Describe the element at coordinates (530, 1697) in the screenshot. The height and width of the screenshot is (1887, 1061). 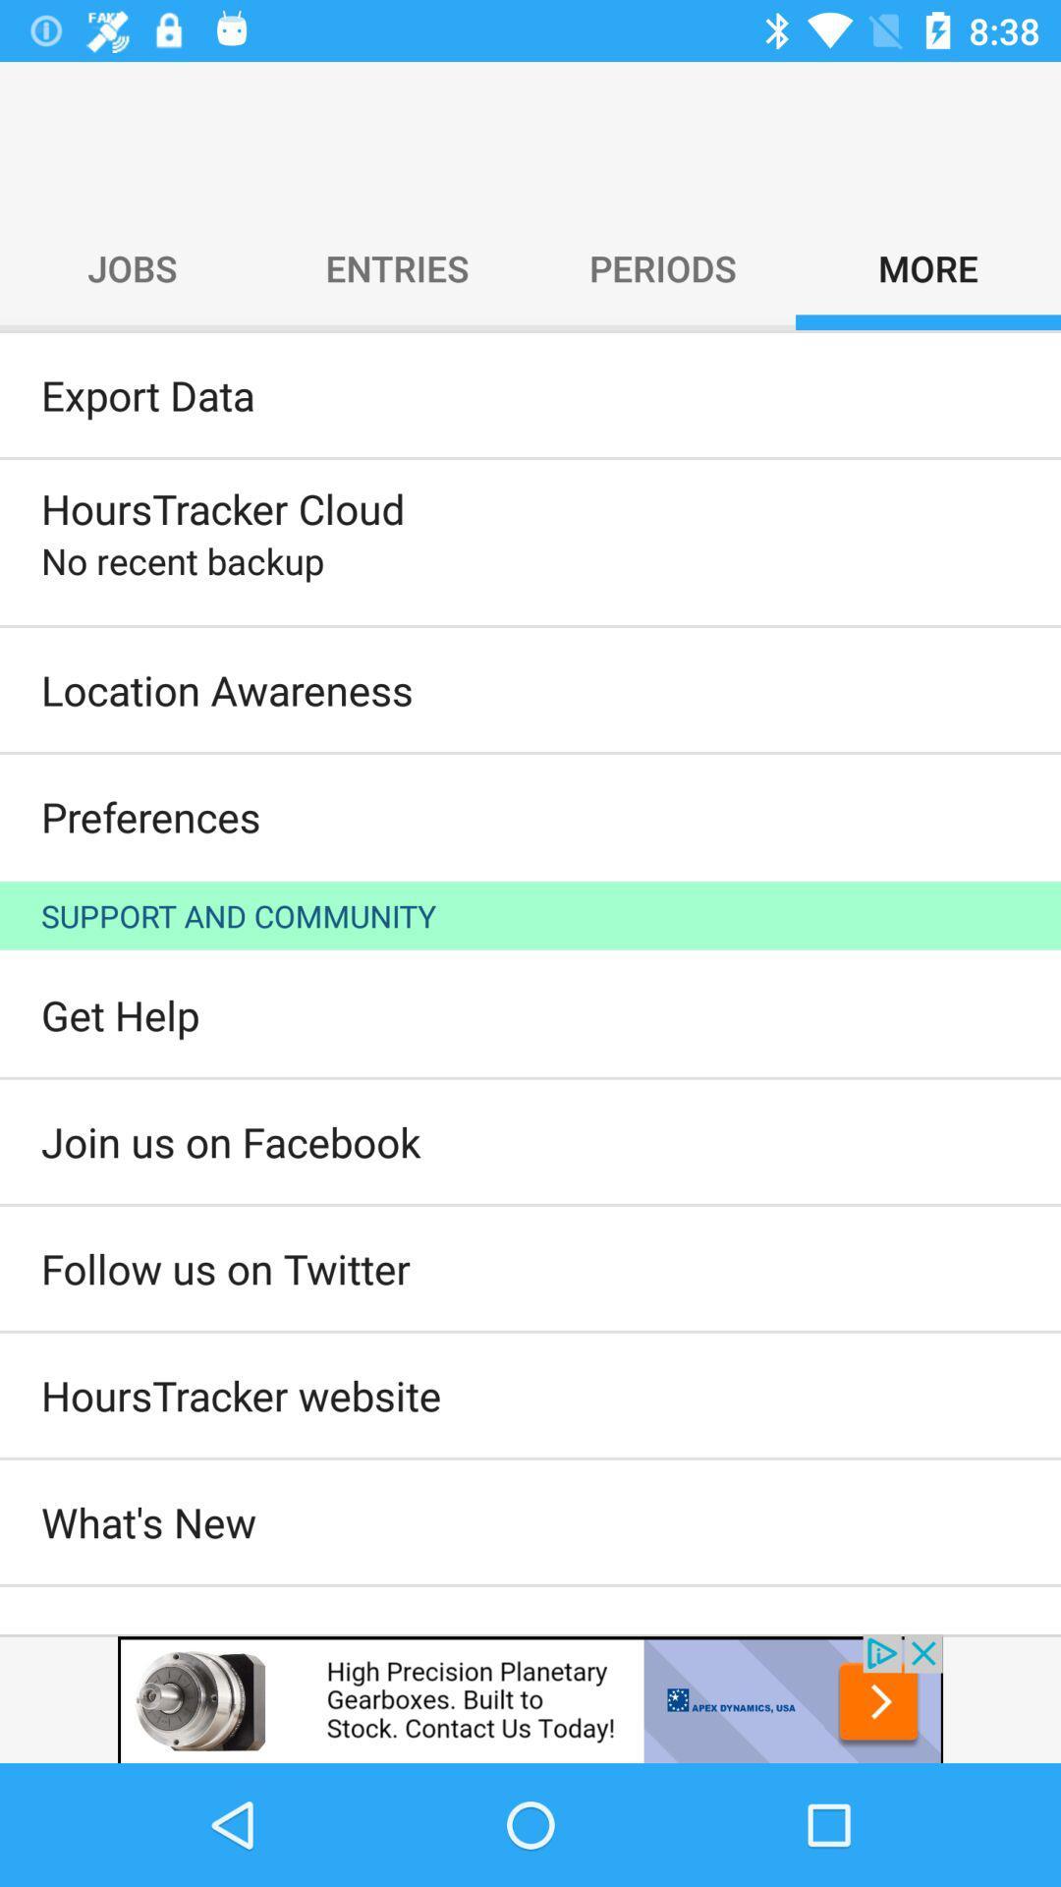
I see `advertisement page` at that location.